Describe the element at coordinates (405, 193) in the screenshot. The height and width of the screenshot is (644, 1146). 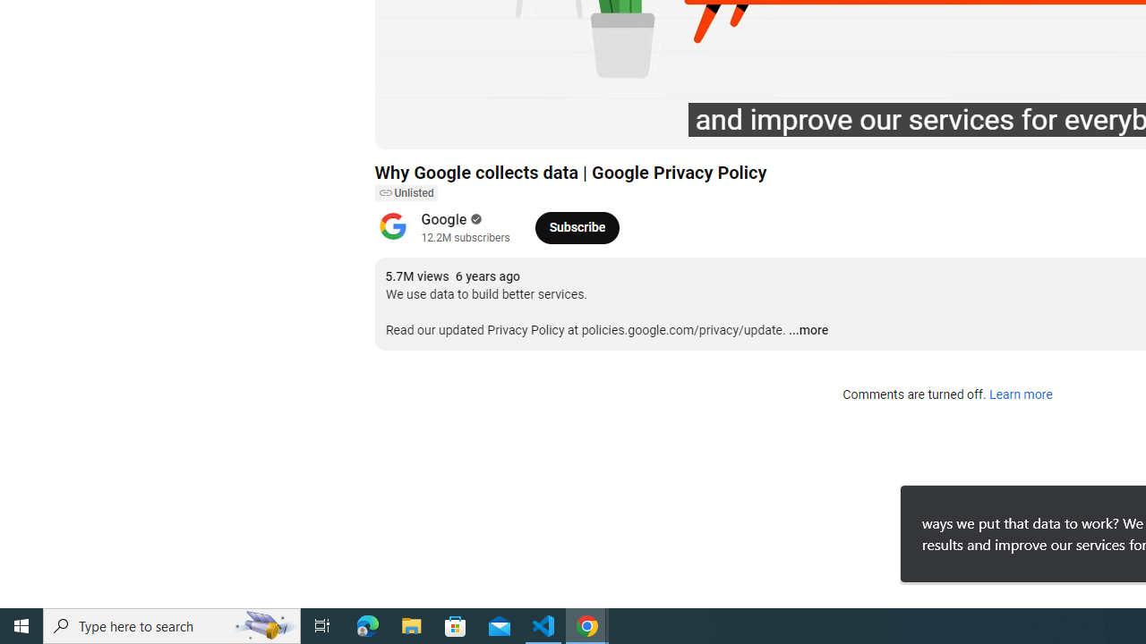
I see `'Unlisted'` at that location.